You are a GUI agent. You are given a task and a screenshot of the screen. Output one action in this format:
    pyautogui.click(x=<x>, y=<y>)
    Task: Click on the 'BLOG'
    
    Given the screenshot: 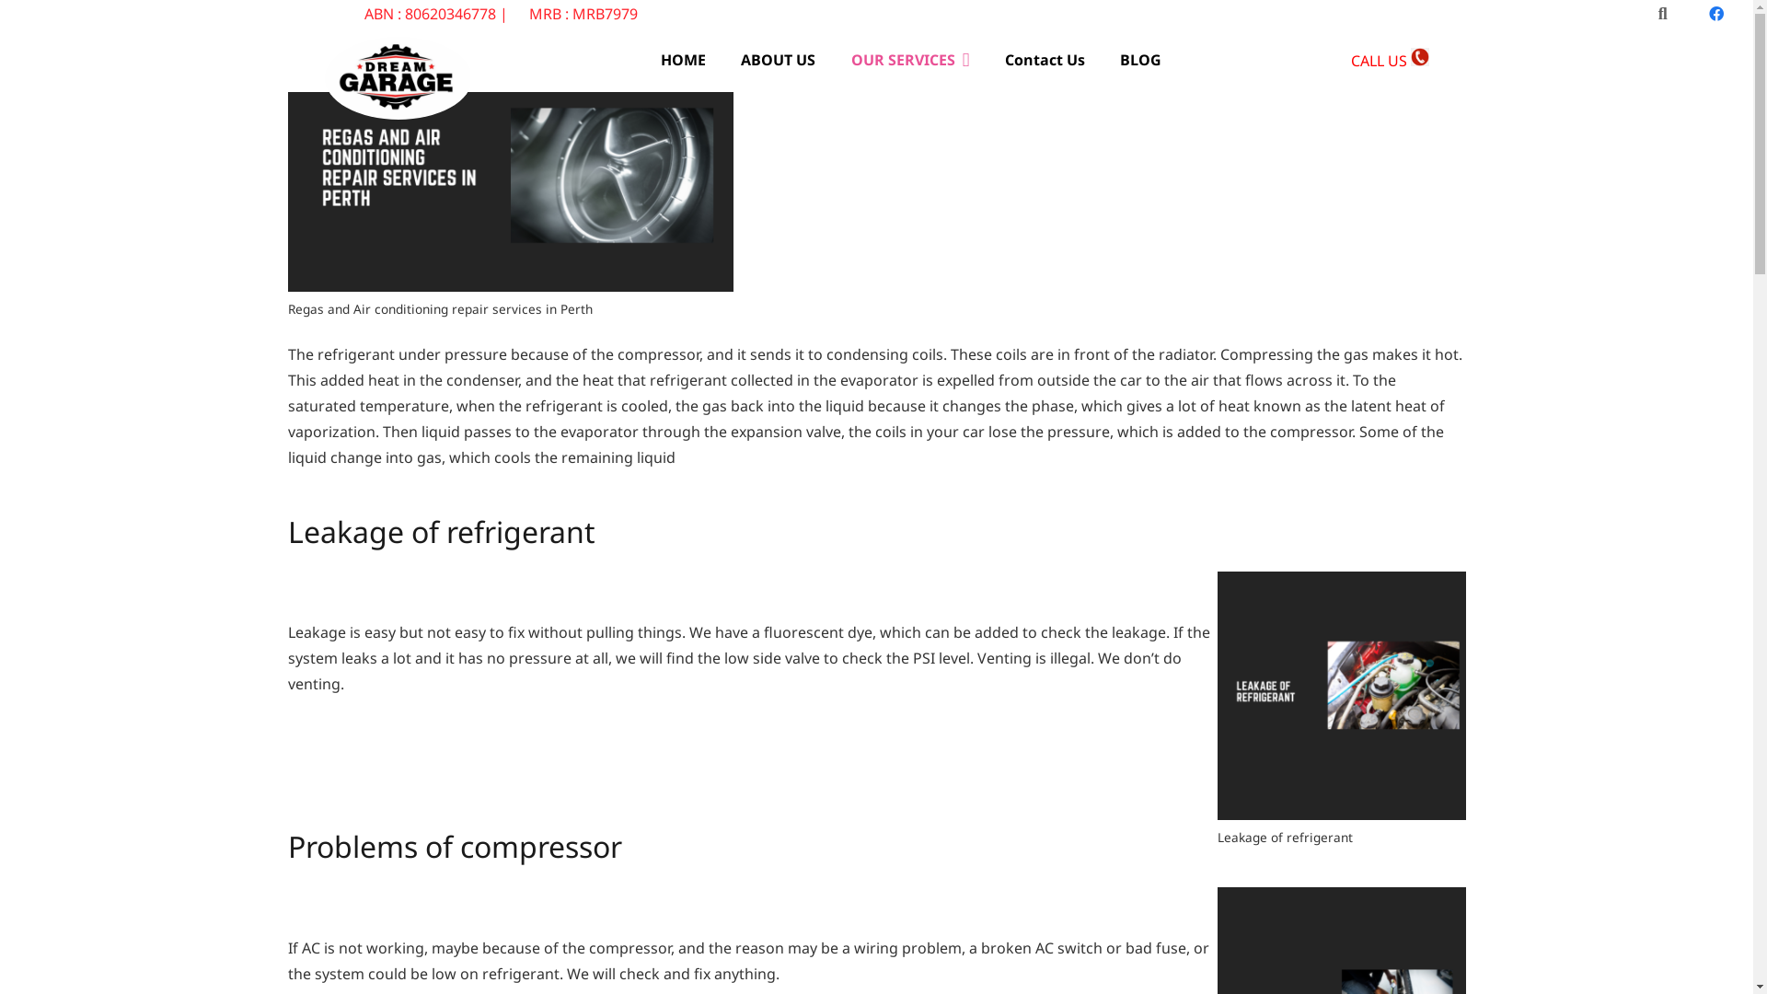 What is the action you would take?
    pyautogui.click(x=1139, y=59)
    